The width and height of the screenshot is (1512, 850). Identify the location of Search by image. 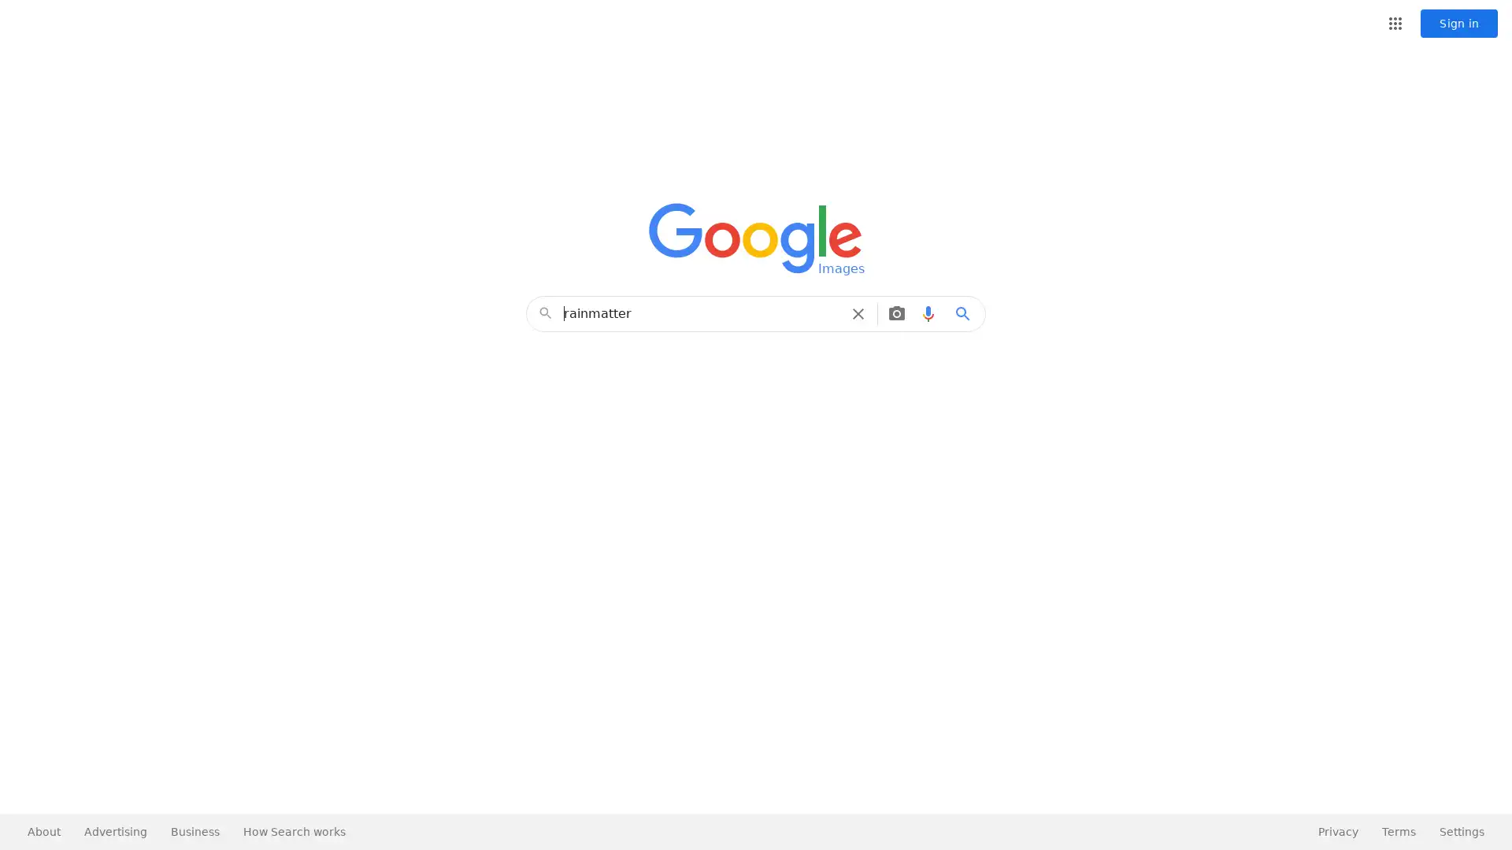
(896, 313).